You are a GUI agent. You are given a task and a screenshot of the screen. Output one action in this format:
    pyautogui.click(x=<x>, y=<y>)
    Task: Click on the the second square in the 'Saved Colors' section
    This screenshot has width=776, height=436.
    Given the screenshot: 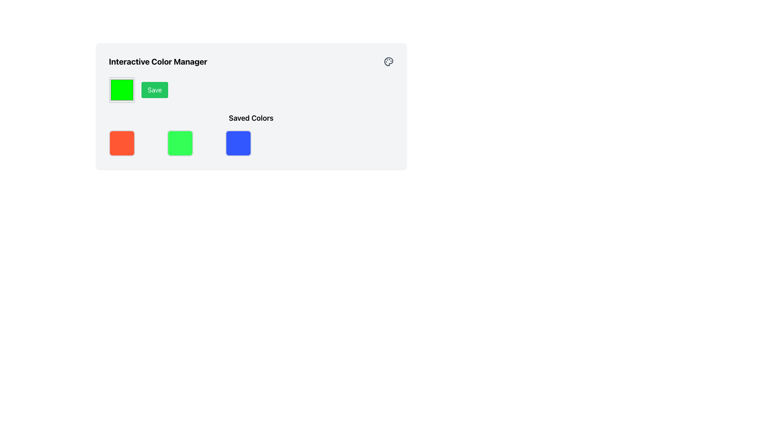 What is the action you would take?
    pyautogui.click(x=192, y=143)
    